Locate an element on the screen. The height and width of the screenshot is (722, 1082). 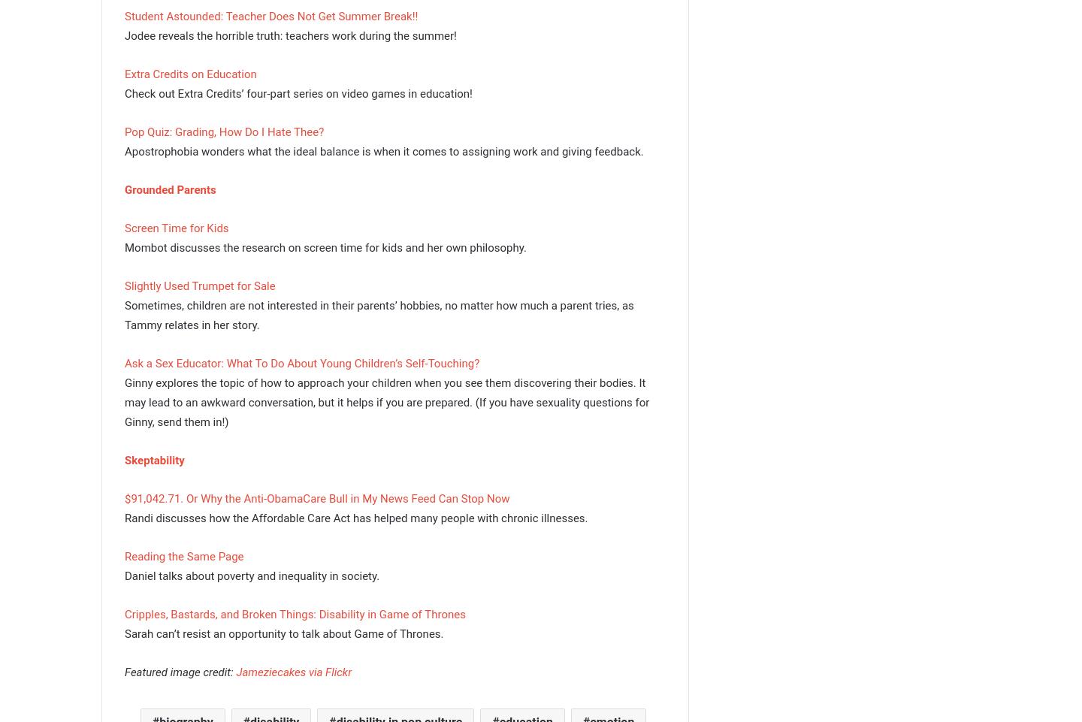
'Grounded Parents' is located at coordinates (124, 188).